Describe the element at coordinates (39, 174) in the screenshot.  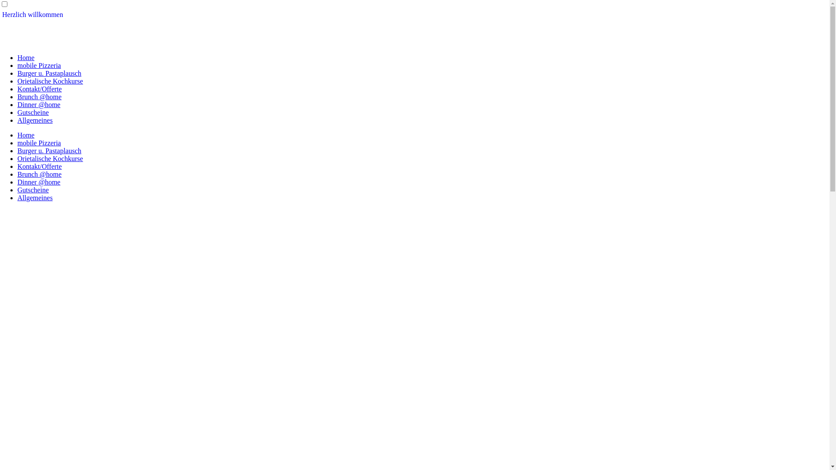
I see `'Brunch @home'` at that location.